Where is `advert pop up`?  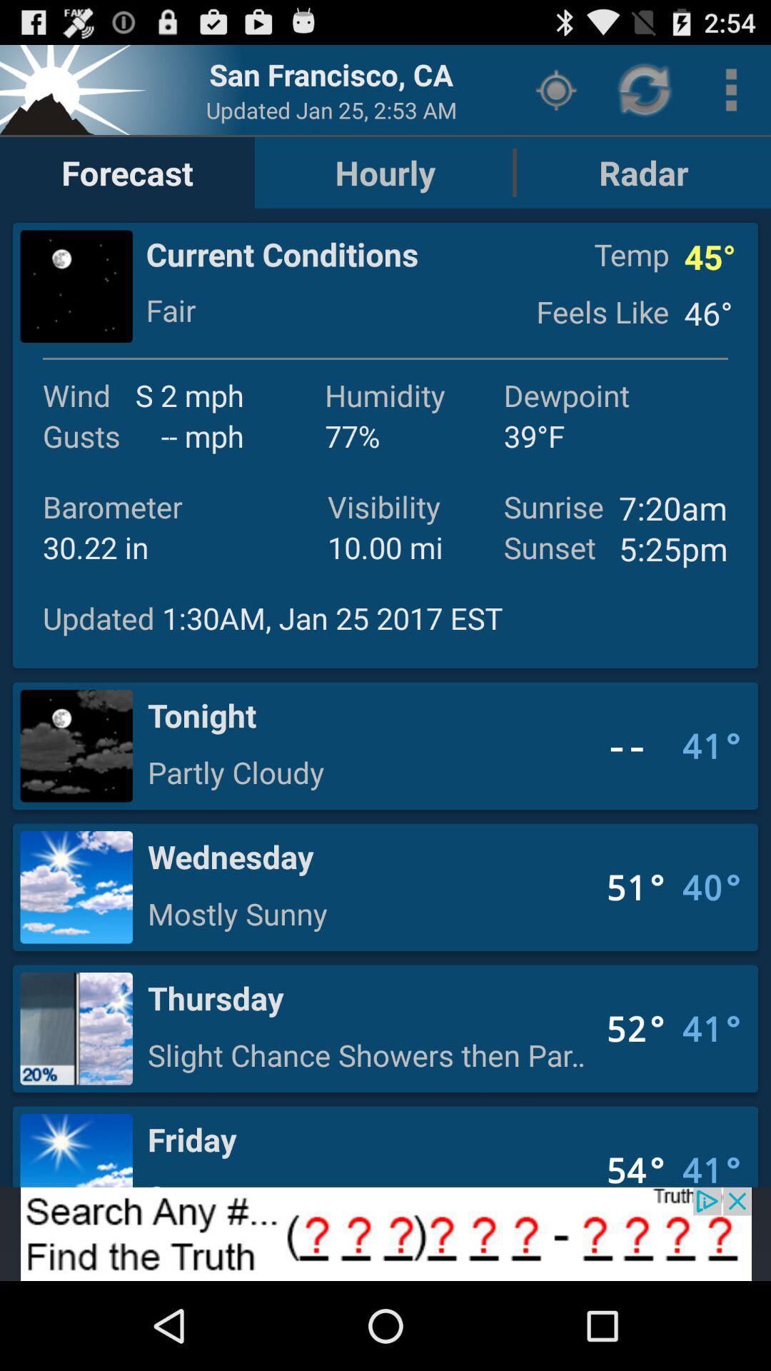
advert pop up is located at coordinates (385, 1233).